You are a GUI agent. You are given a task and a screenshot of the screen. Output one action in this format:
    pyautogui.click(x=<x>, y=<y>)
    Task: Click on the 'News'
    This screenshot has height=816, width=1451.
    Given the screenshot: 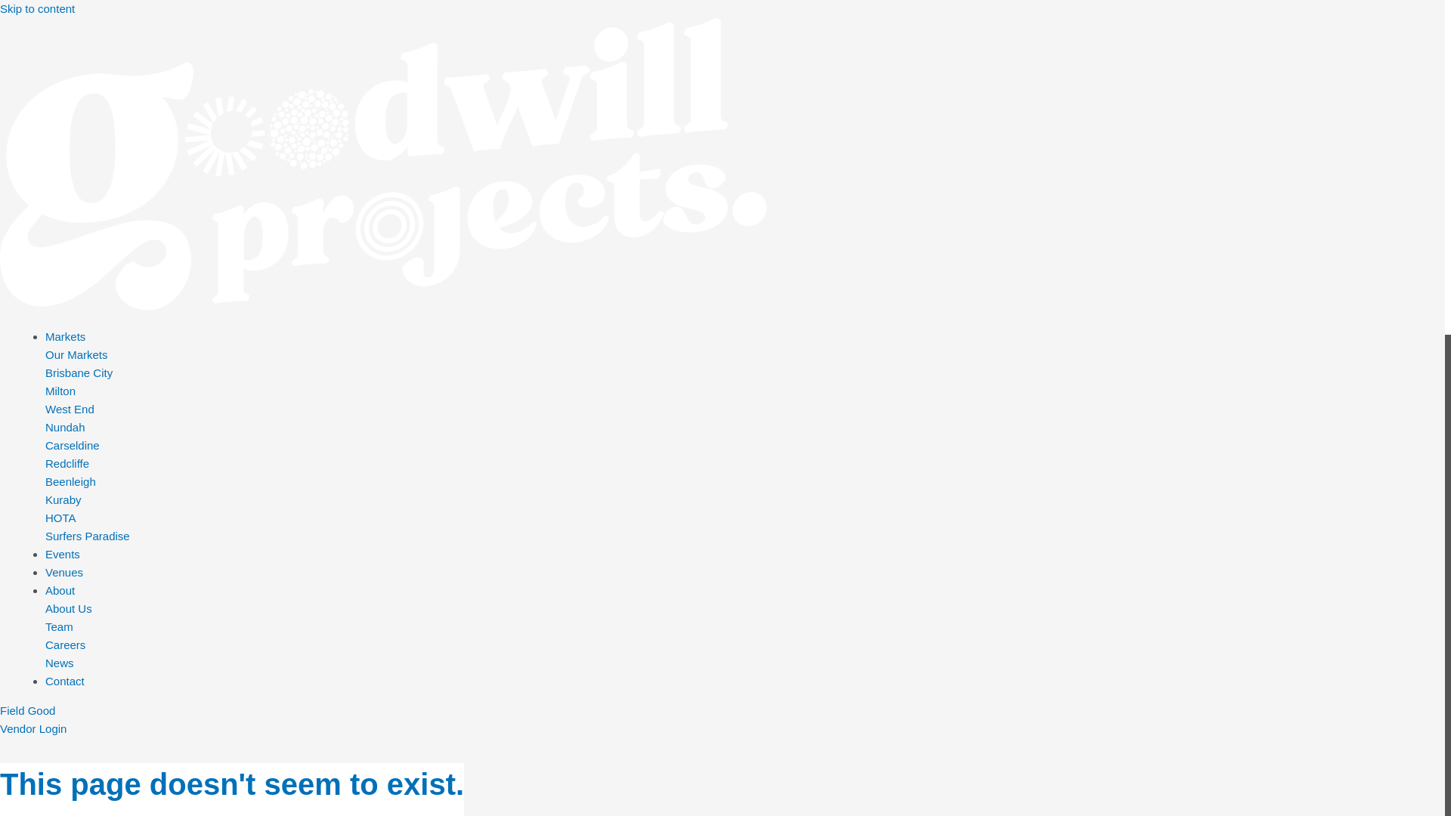 What is the action you would take?
    pyautogui.click(x=59, y=662)
    